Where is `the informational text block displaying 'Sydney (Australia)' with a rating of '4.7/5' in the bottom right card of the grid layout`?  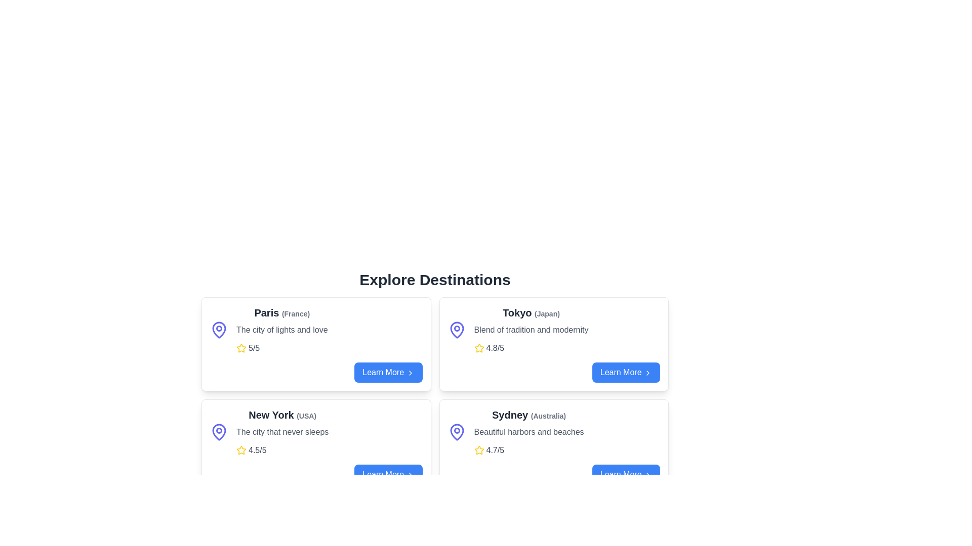
the informational text block displaying 'Sydney (Australia)' with a rating of '4.7/5' in the bottom right card of the grid layout is located at coordinates (529, 432).